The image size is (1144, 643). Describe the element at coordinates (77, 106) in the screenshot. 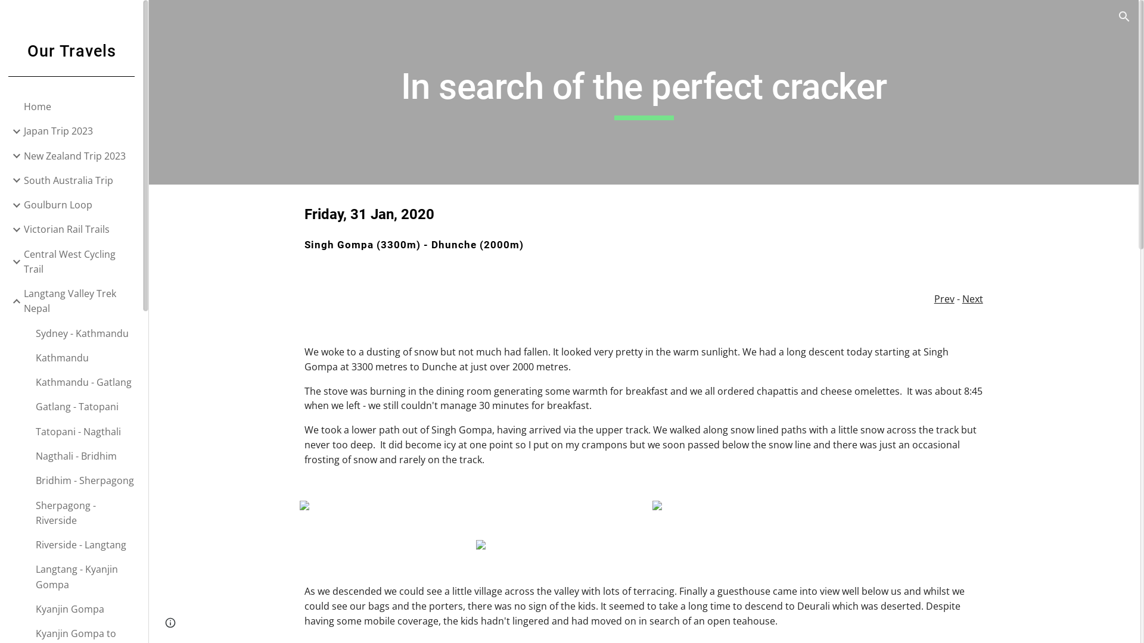

I see `'Home'` at that location.